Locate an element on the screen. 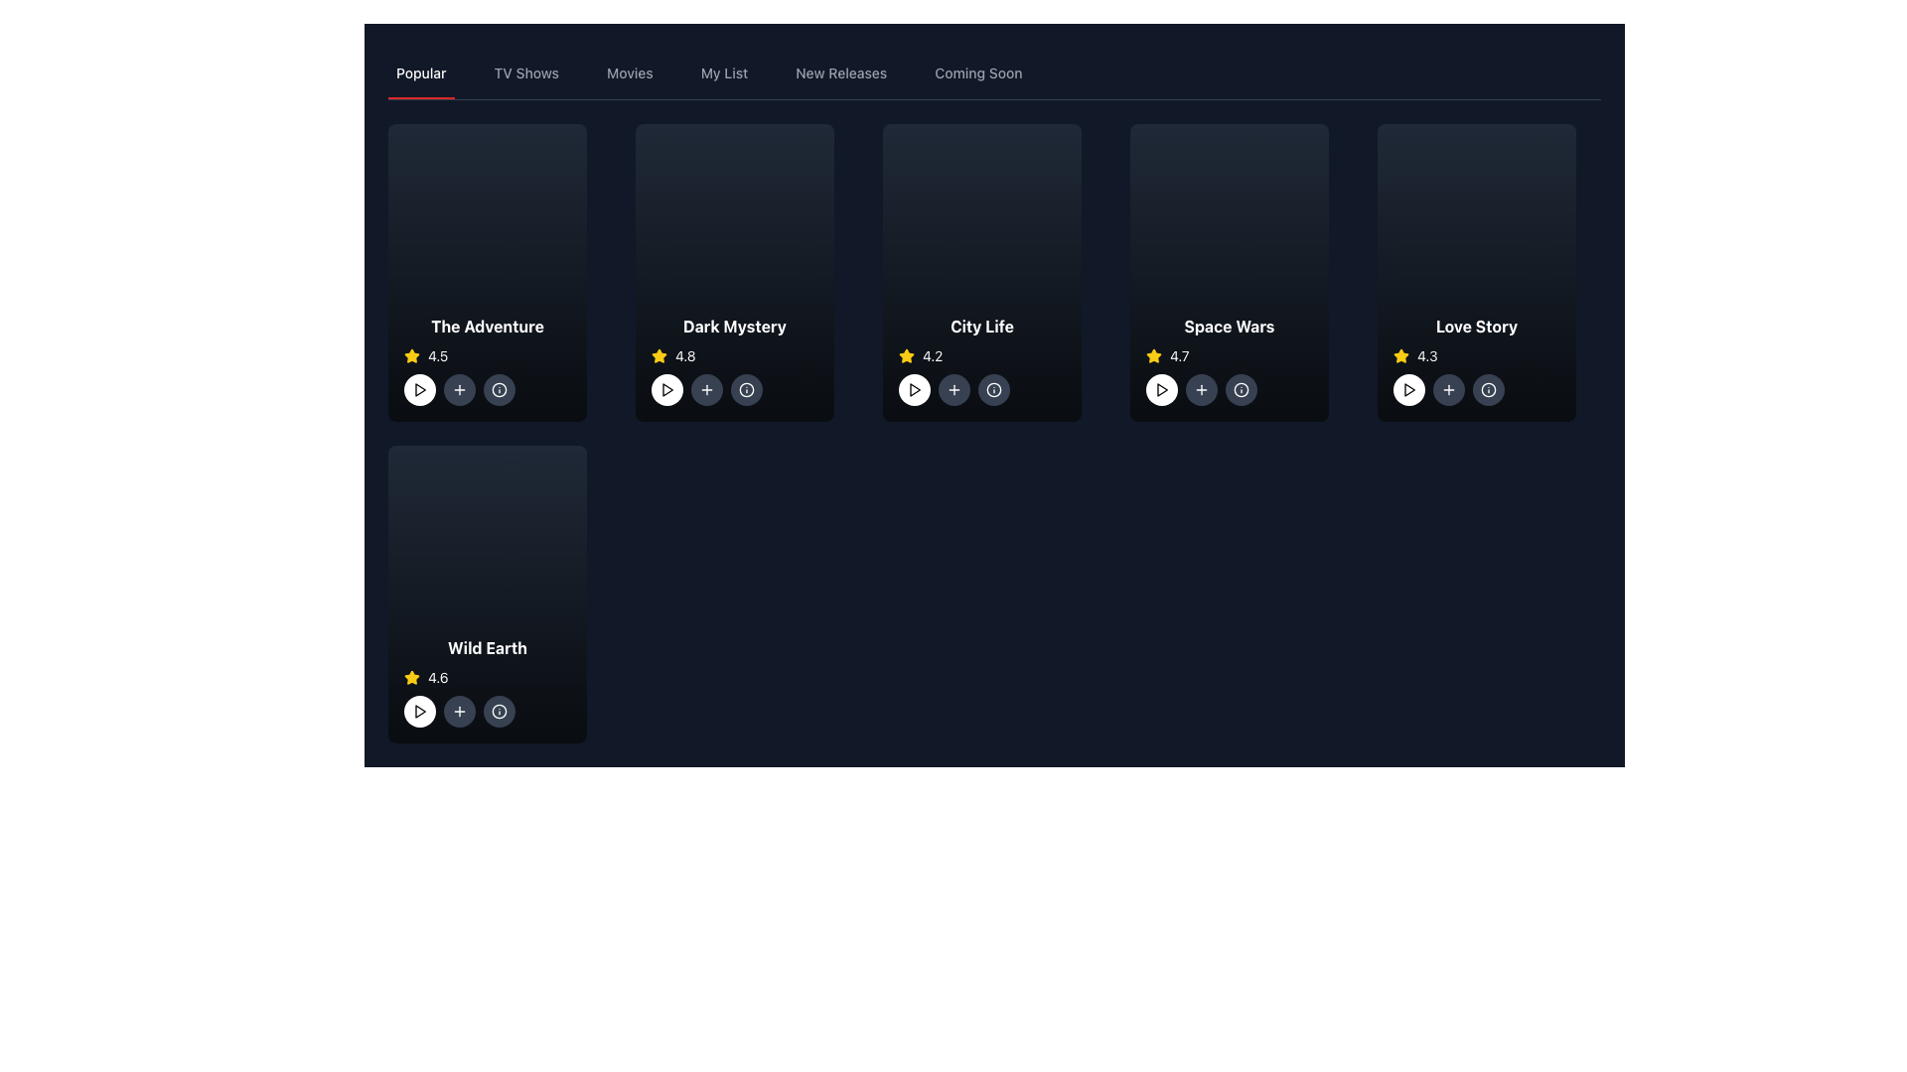 This screenshot has width=1907, height=1072. the circular button with a dark gray background and a white plus symbol, located in the second position among three buttons below the 'Love Story' card is located at coordinates (1449, 390).